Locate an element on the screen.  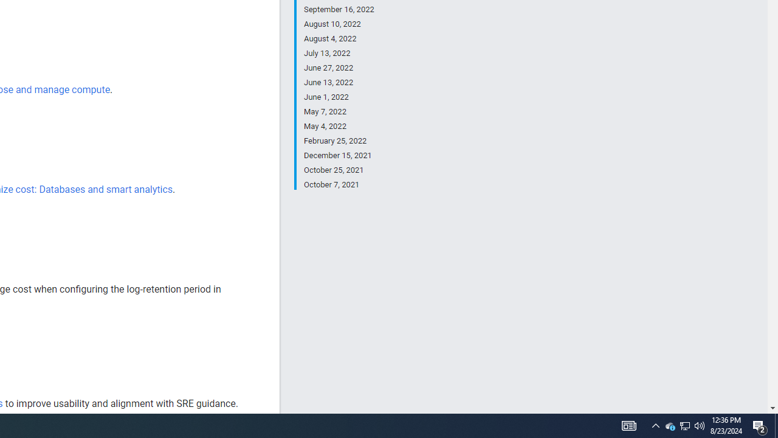
'May 4, 2022' is located at coordinates (339, 127).